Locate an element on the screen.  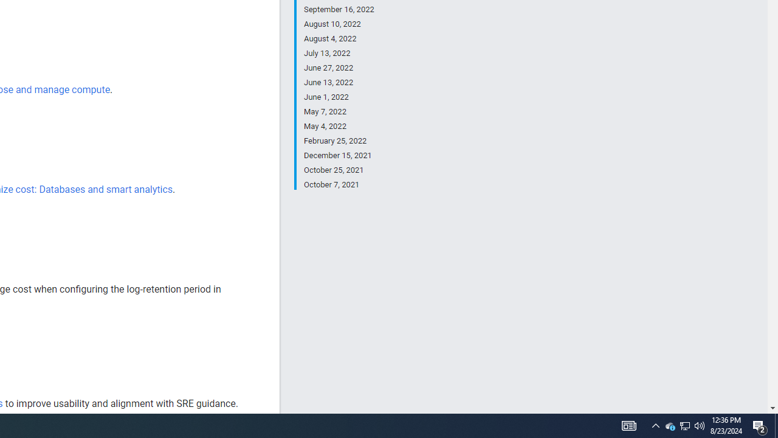
'May 4, 2022' is located at coordinates (339, 127).